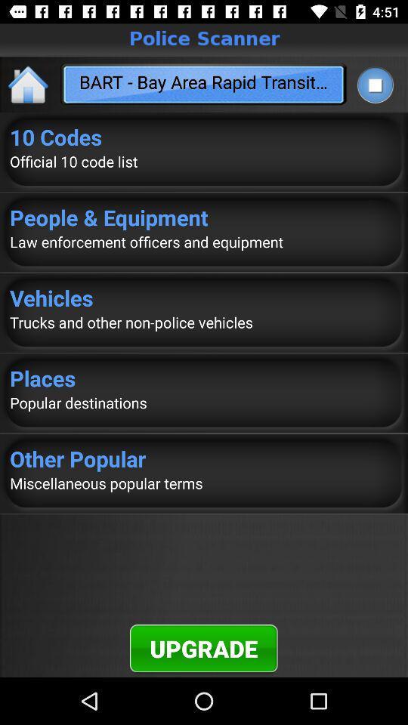 The image size is (408, 725). I want to click on the item at the top left corner, so click(29, 84).